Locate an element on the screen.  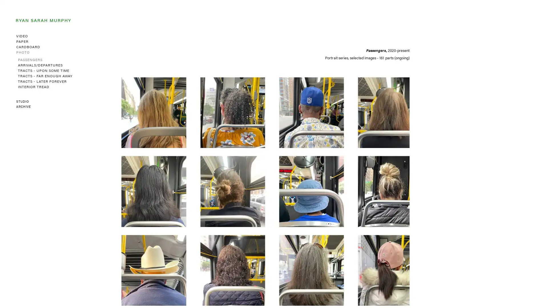
View fullsize Passenger 151-.jpeg is located at coordinates (295, 262).